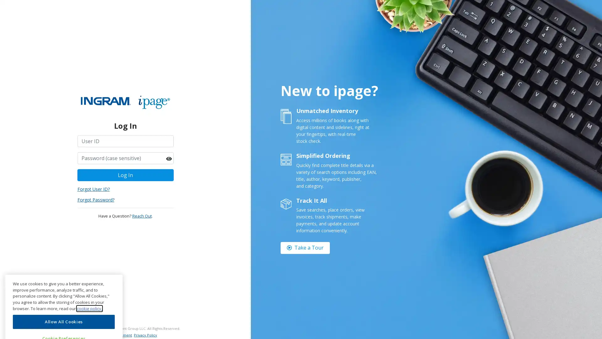 The width and height of the screenshot is (602, 339). Describe the element at coordinates (64, 298) in the screenshot. I see `Allow All Cookies` at that location.